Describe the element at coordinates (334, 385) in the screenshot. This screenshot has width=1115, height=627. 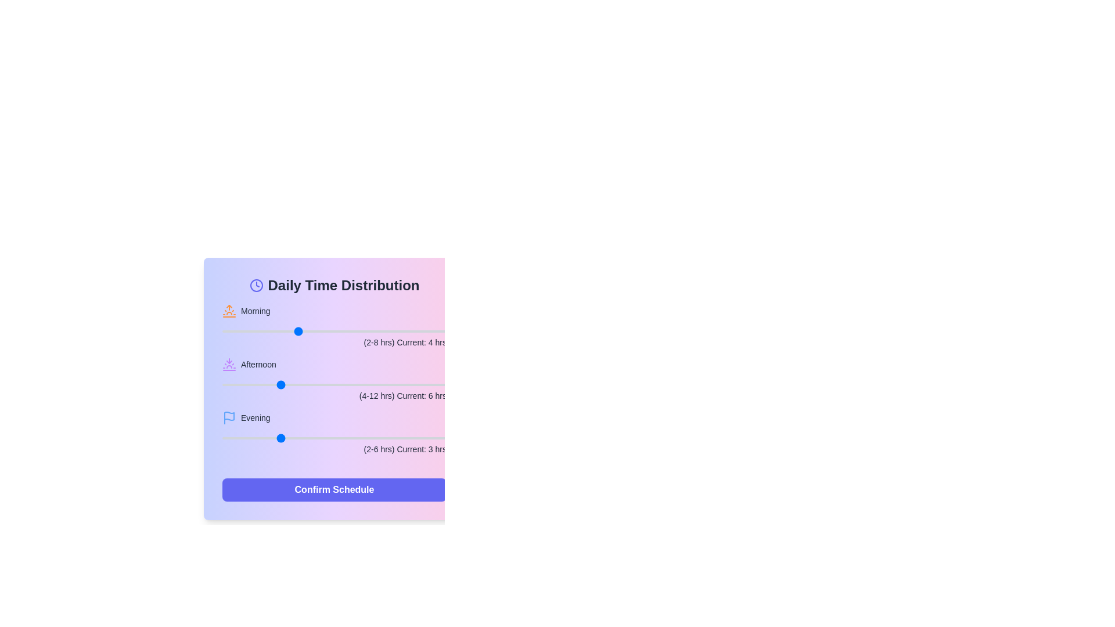
I see `the afternoon time allocation` at that location.